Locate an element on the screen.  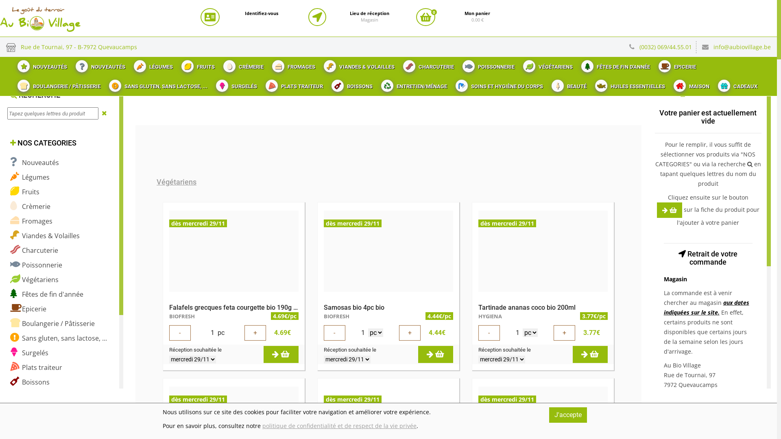
'(0032) 069/44.55.01' is located at coordinates (639, 47).